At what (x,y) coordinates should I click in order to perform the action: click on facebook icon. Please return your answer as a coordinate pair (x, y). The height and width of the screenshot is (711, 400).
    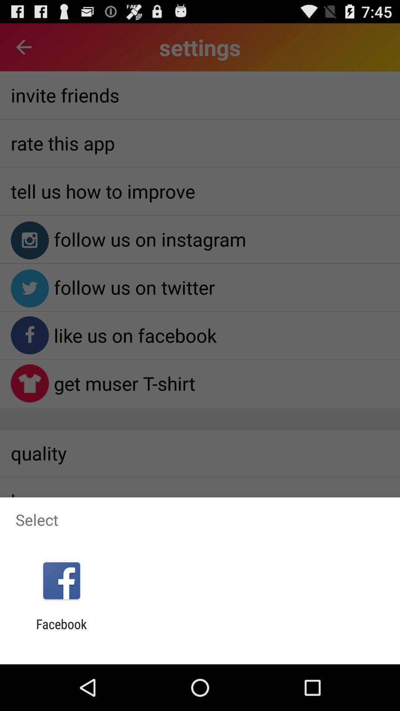
    Looking at the image, I should click on (61, 631).